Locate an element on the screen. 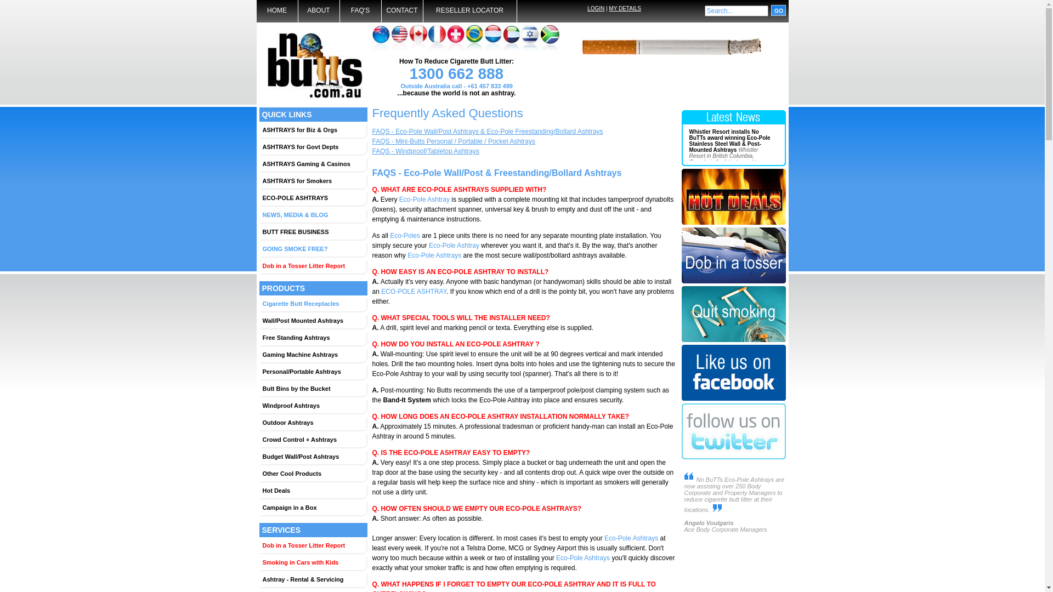 The width and height of the screenshot is (1053, 592). 'Quit Smoking here' is located at coordinates (681, 315).